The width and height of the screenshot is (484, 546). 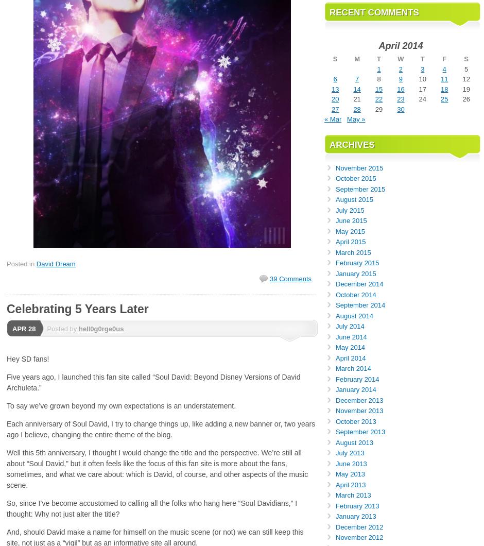 What do you see at coordinates (378, 88) in the screenshot?
I see `'15'` at bounding box center [378, 88].